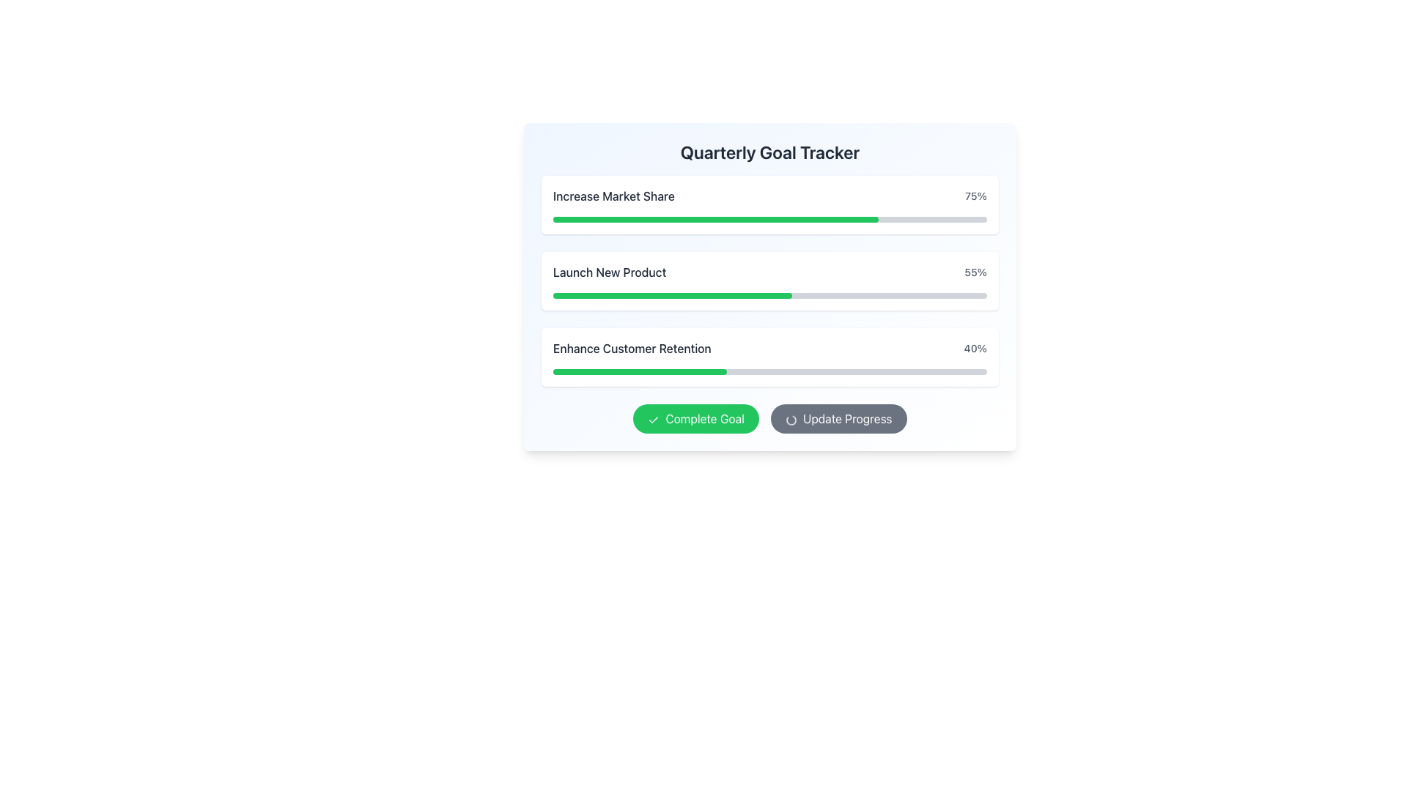  I want to click on label text that describes the goal associated with the progress bar showing '55%'. This label is positioned below 'Increase Market Share' and above 'Enhance Customer Retention', so click(610, 272).